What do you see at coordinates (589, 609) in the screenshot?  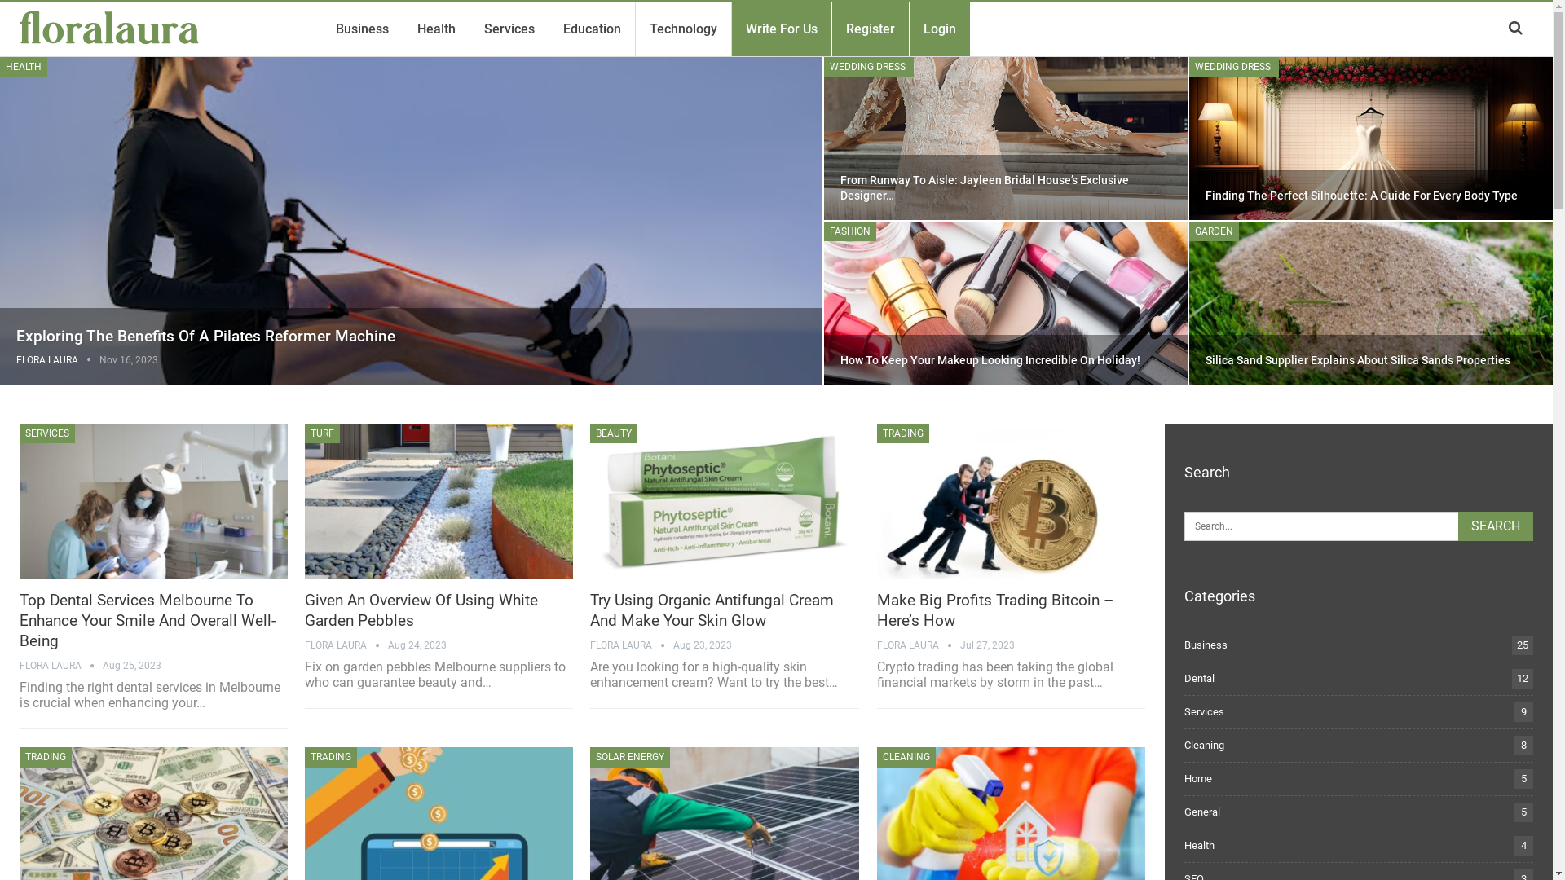 I see `'Try Using Organic Antifungal Cream And Make Your Skin Glow'` at bounding box center [589, 609].